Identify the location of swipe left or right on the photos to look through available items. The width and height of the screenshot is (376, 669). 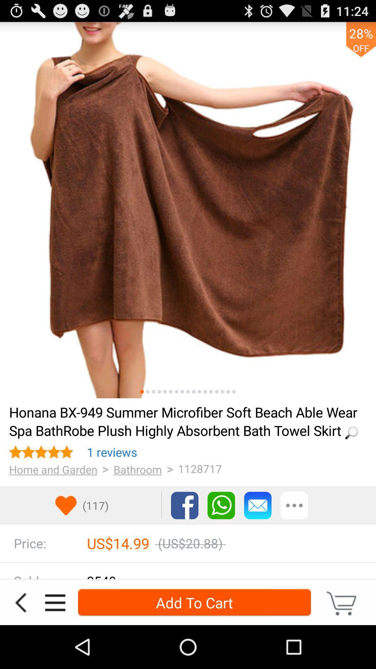
(234, 392).